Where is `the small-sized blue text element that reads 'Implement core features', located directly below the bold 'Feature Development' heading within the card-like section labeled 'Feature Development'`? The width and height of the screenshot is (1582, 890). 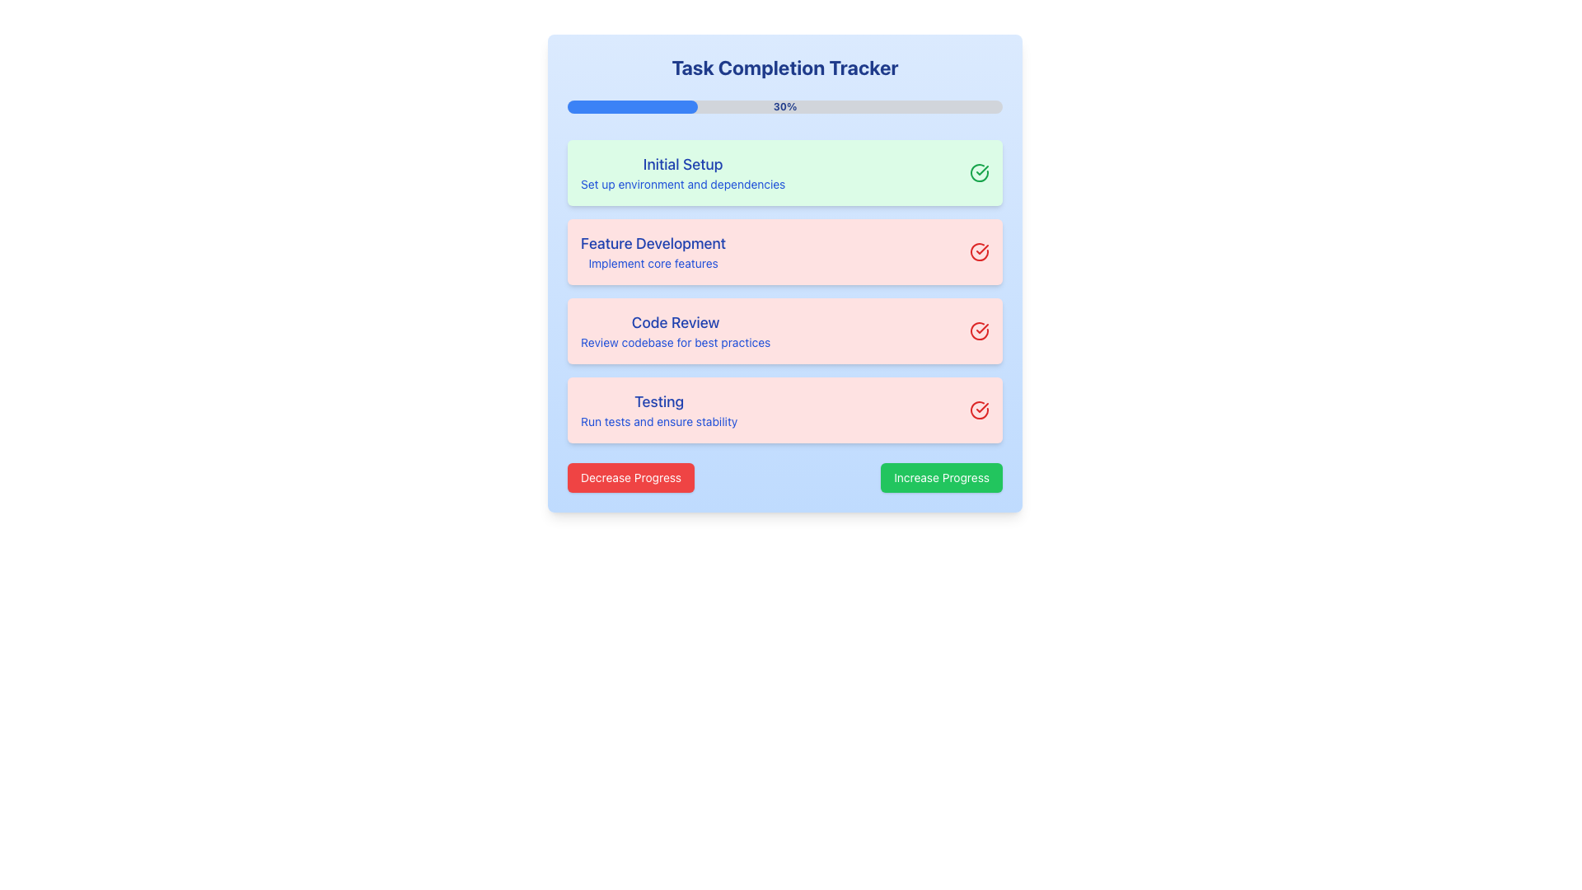 the small-sized blue text element that reads 'Implement core features', located directly below the bold 'Feature Development' heading within the card-like section labeled 'Feature Development' is located at coordinates (653, 263).